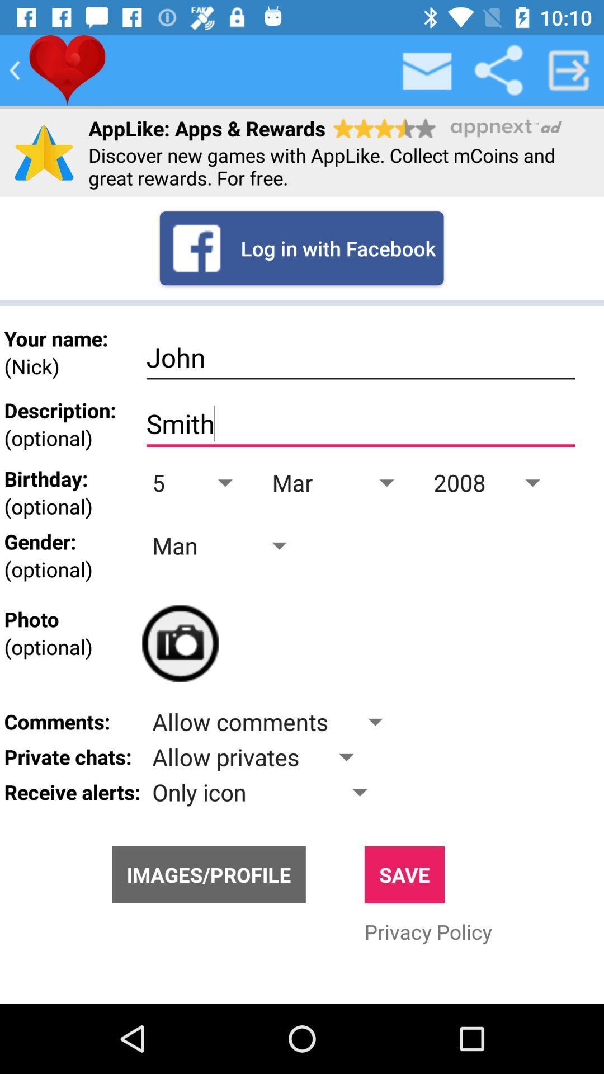 This screenshot has width=604, height=1074. What do you see at coordinates (498, 69) in the screenshot?
I see `share email` at bounding box center [498, 69].